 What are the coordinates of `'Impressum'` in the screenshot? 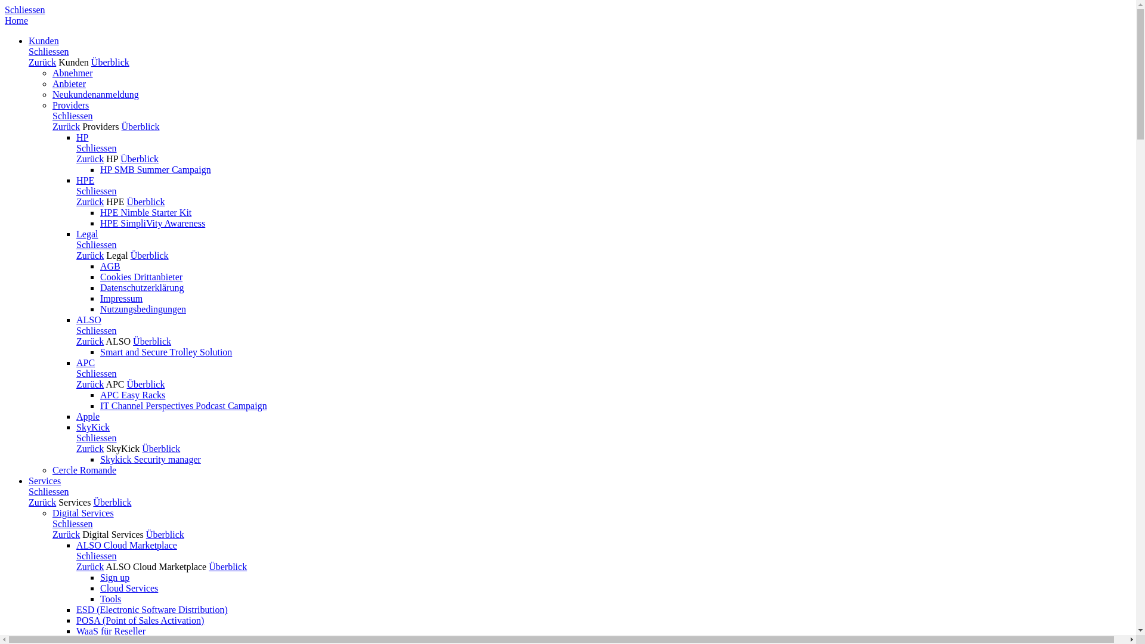 It's located at (121, 298).